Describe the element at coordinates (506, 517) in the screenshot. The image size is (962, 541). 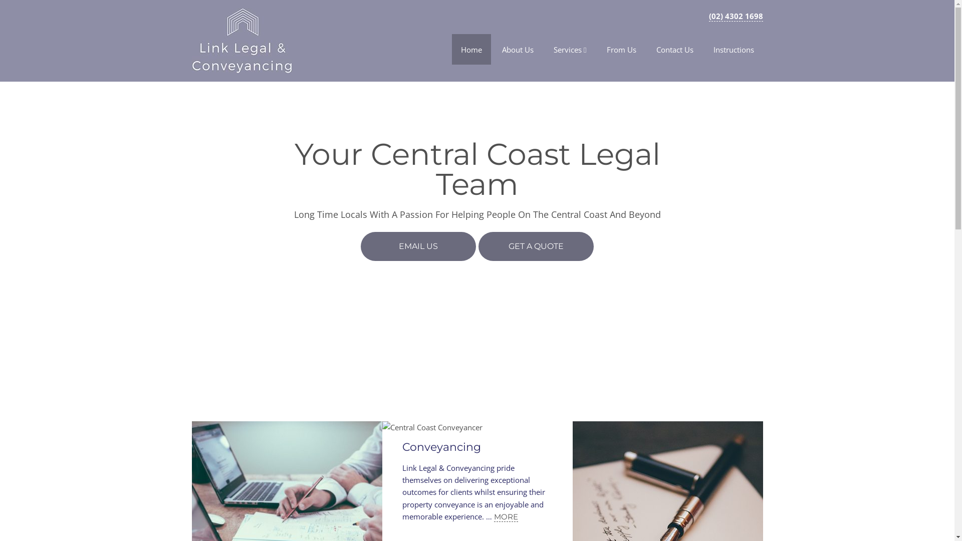
I see `'MORE'` at that location.